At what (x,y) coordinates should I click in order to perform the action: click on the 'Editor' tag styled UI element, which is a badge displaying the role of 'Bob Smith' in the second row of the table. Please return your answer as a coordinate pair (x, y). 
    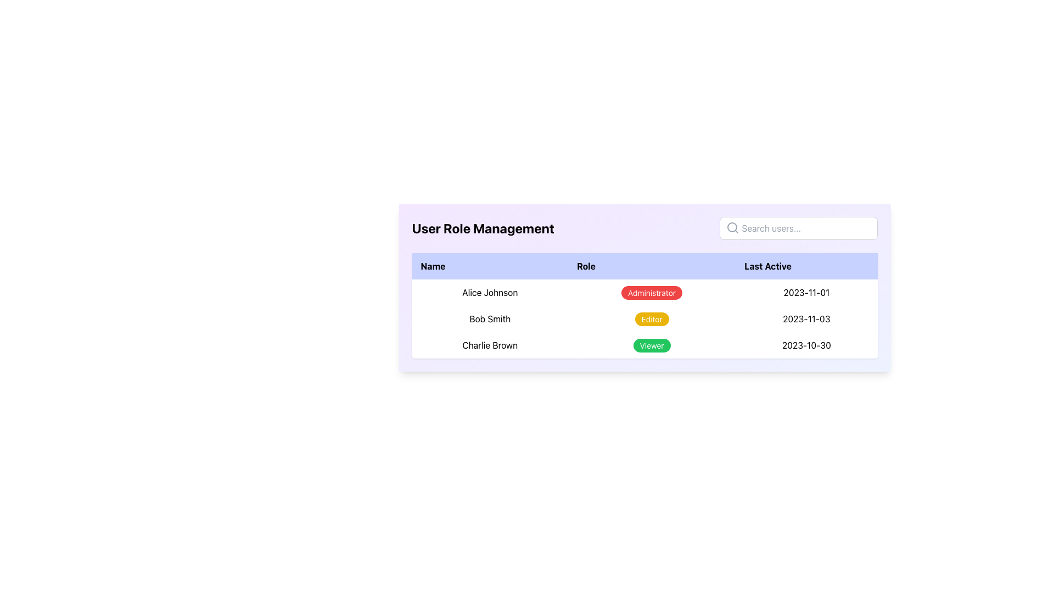
    Looking at the image, I should click on (652, 319).